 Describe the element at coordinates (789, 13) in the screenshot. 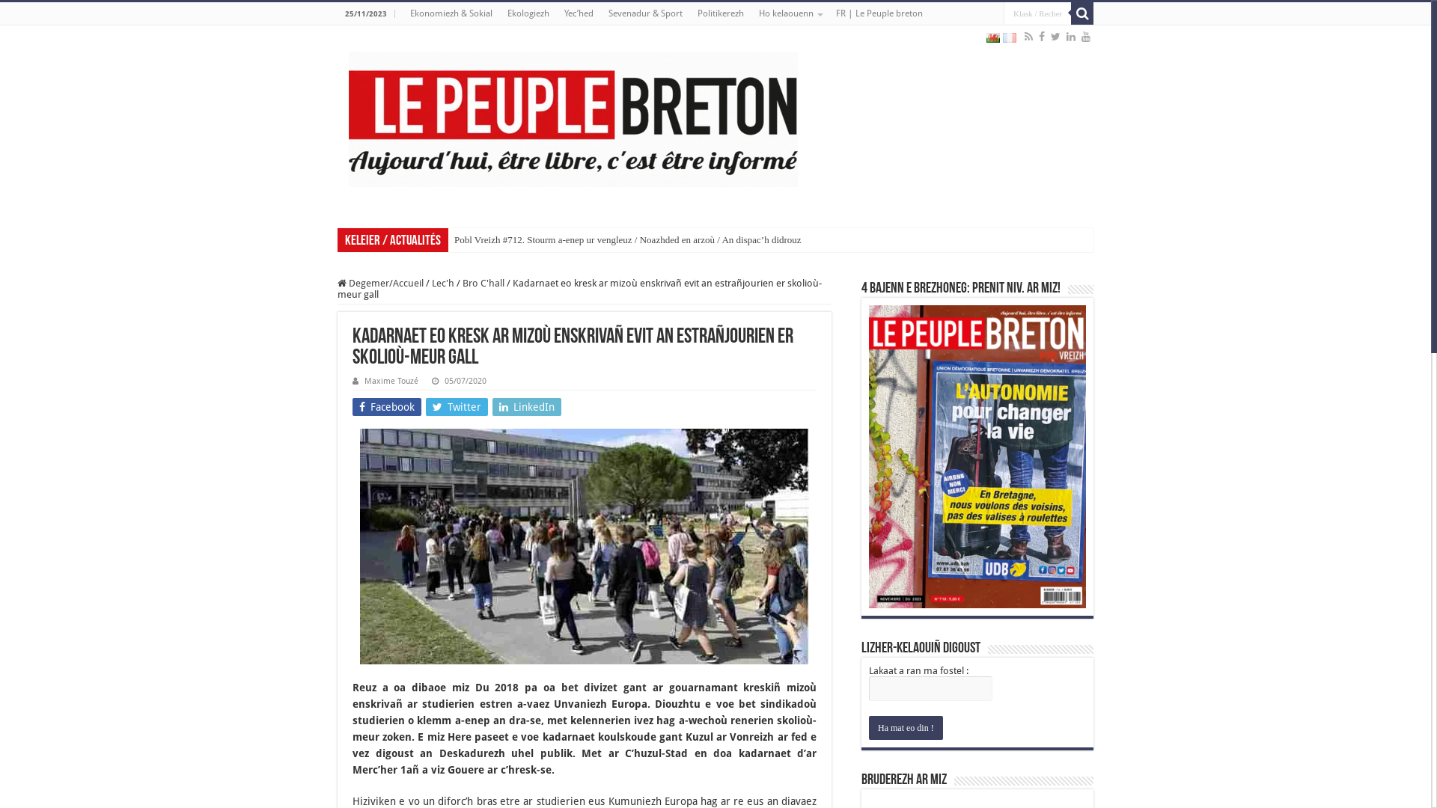

I see `'Ho kelaouenn'` at that location.